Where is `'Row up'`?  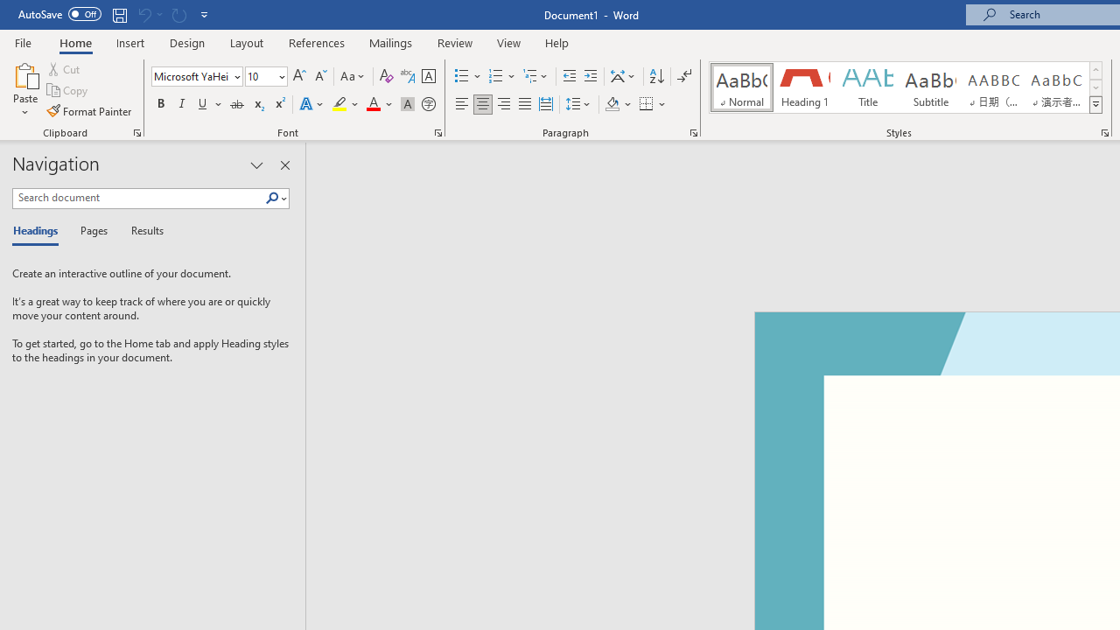 'Row up' is located at coordinates (1095, 69).